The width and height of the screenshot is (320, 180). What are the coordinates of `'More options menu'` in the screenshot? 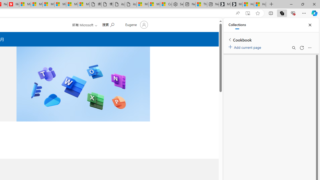 It's located at (309, 48).